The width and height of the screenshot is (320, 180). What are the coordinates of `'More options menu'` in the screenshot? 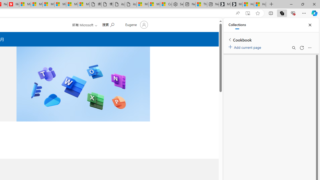 It's located at (309, 48).